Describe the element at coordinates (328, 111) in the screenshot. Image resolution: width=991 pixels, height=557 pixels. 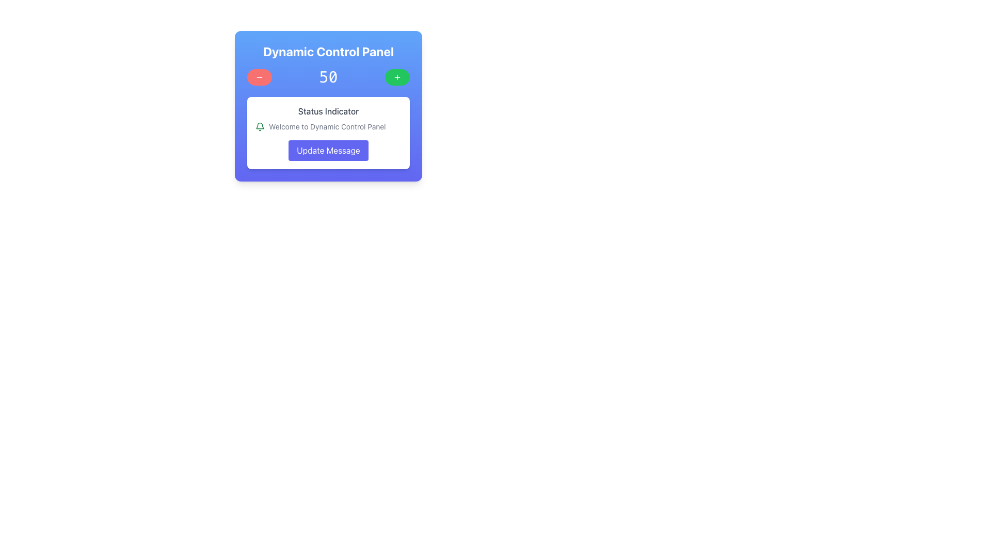
I see `the 'Status Indicator' text label, which is styled in gray color and located at the top of a white rounded card within the control panel layout` at that location.